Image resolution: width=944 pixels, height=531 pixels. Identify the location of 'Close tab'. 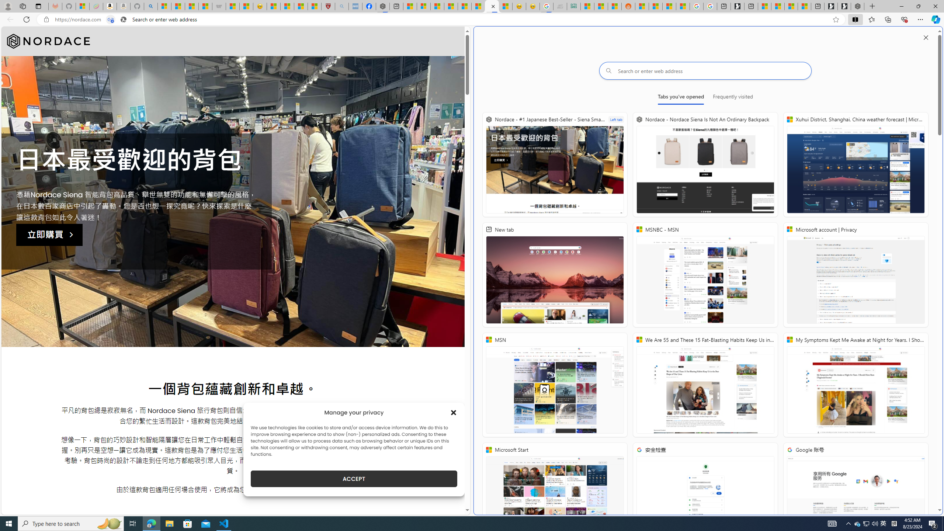
(493, 6).